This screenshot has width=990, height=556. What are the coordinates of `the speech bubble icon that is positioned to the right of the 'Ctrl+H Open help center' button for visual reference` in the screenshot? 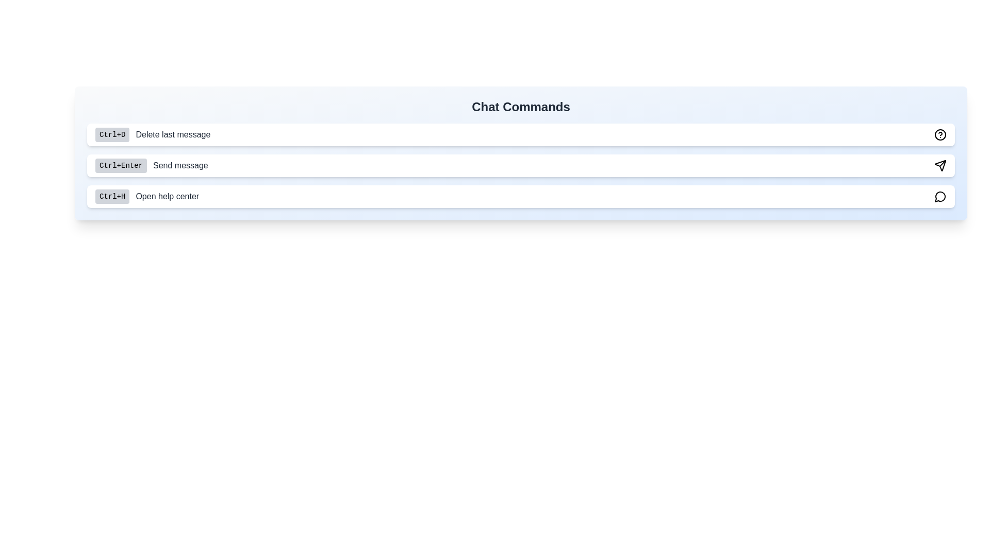 It's located at (940, 196).